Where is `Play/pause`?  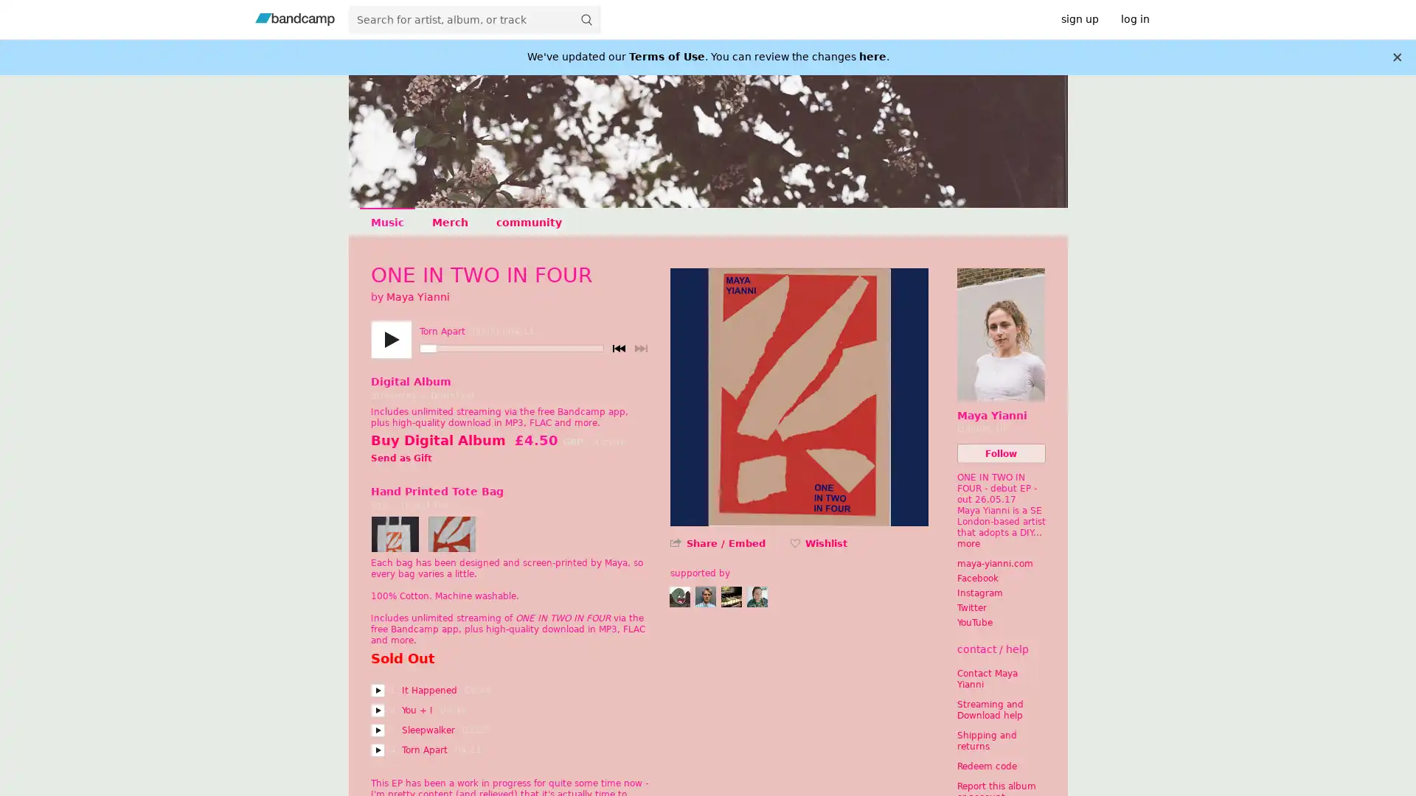
Play/pause is located at coordinates (390, 340).